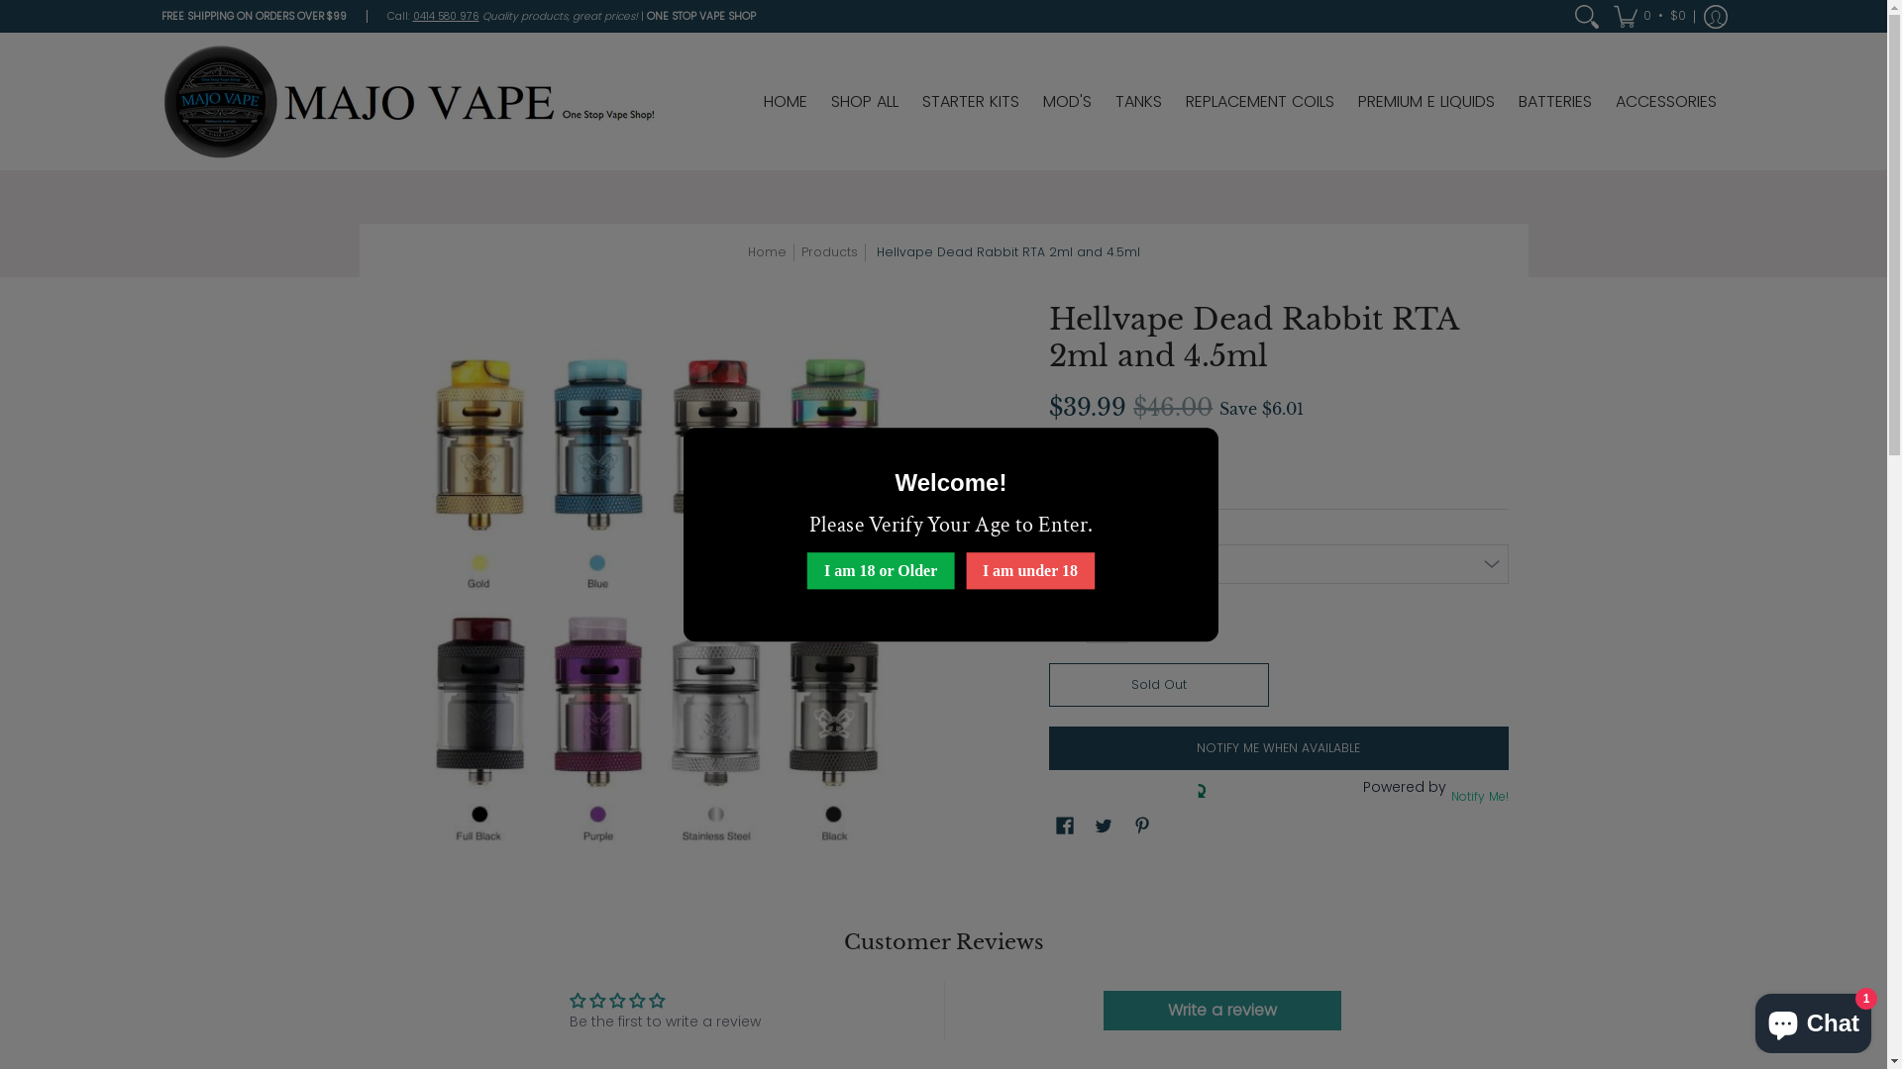 This screenshot has height=1069, width=1902. Describe the element at coordinates (784, 101) in the screenshot. I see `'HOME'` at that location.